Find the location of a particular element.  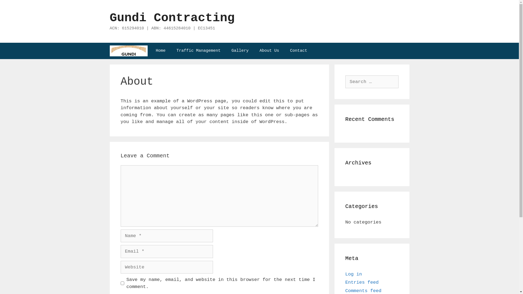

'Gallery' is located at coordinates (226, 50).